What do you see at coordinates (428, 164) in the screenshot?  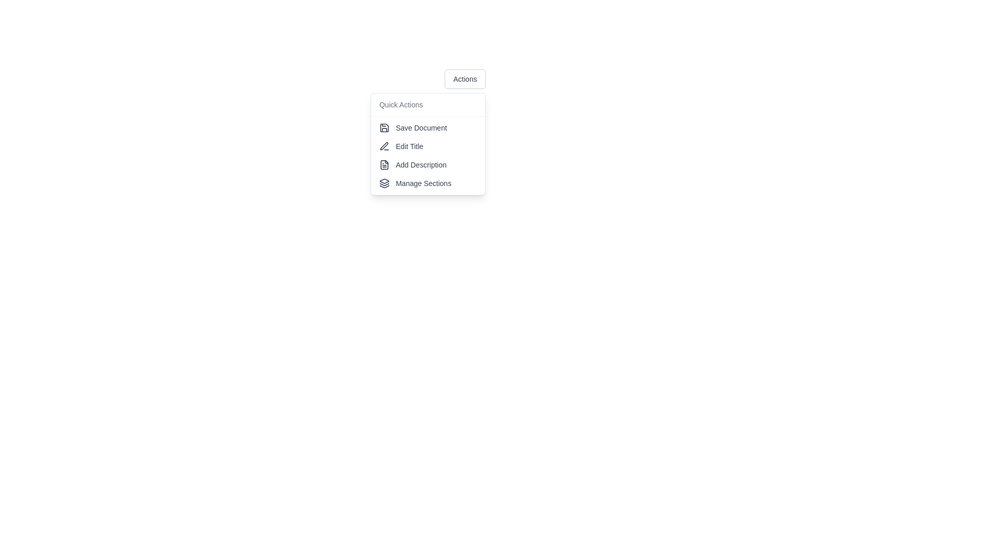 I see `the 'Add Description' button, which is the third item in a vertical list within a dropdown menu, positioned below 'Edit Title' and above 'Manage Sections'` at bounding box center [428, 164].